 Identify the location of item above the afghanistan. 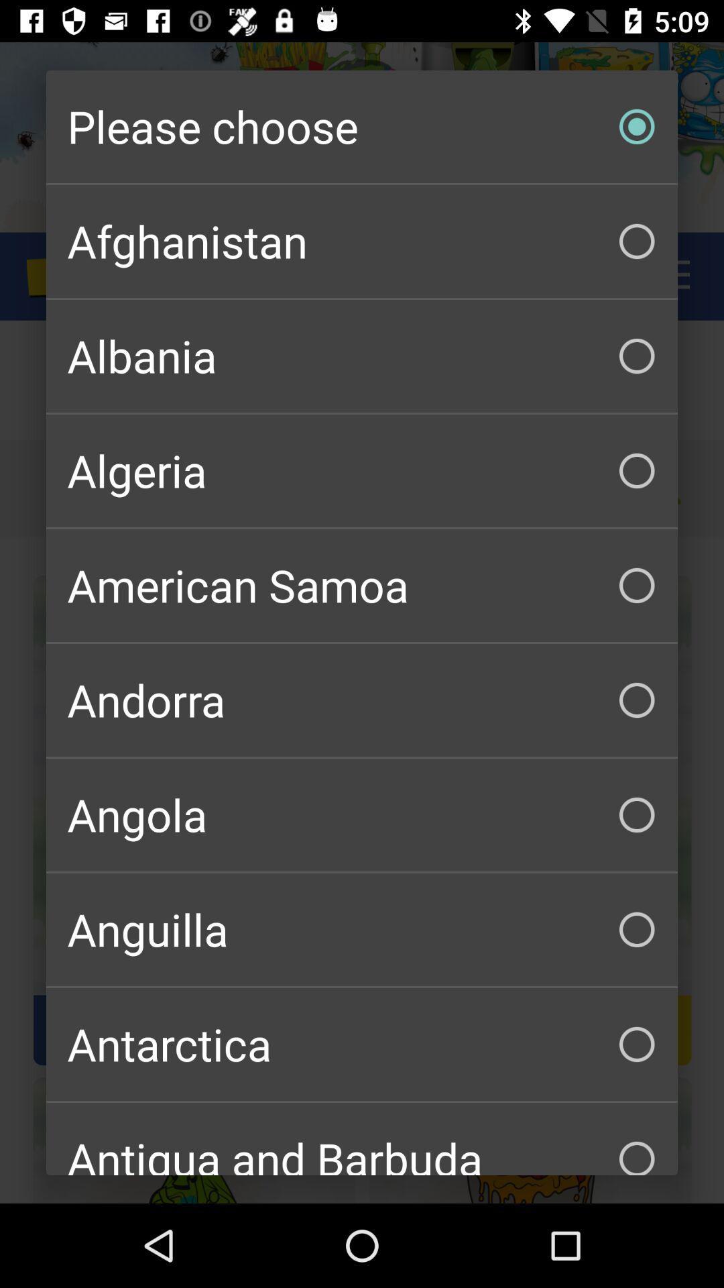
(362, 126).